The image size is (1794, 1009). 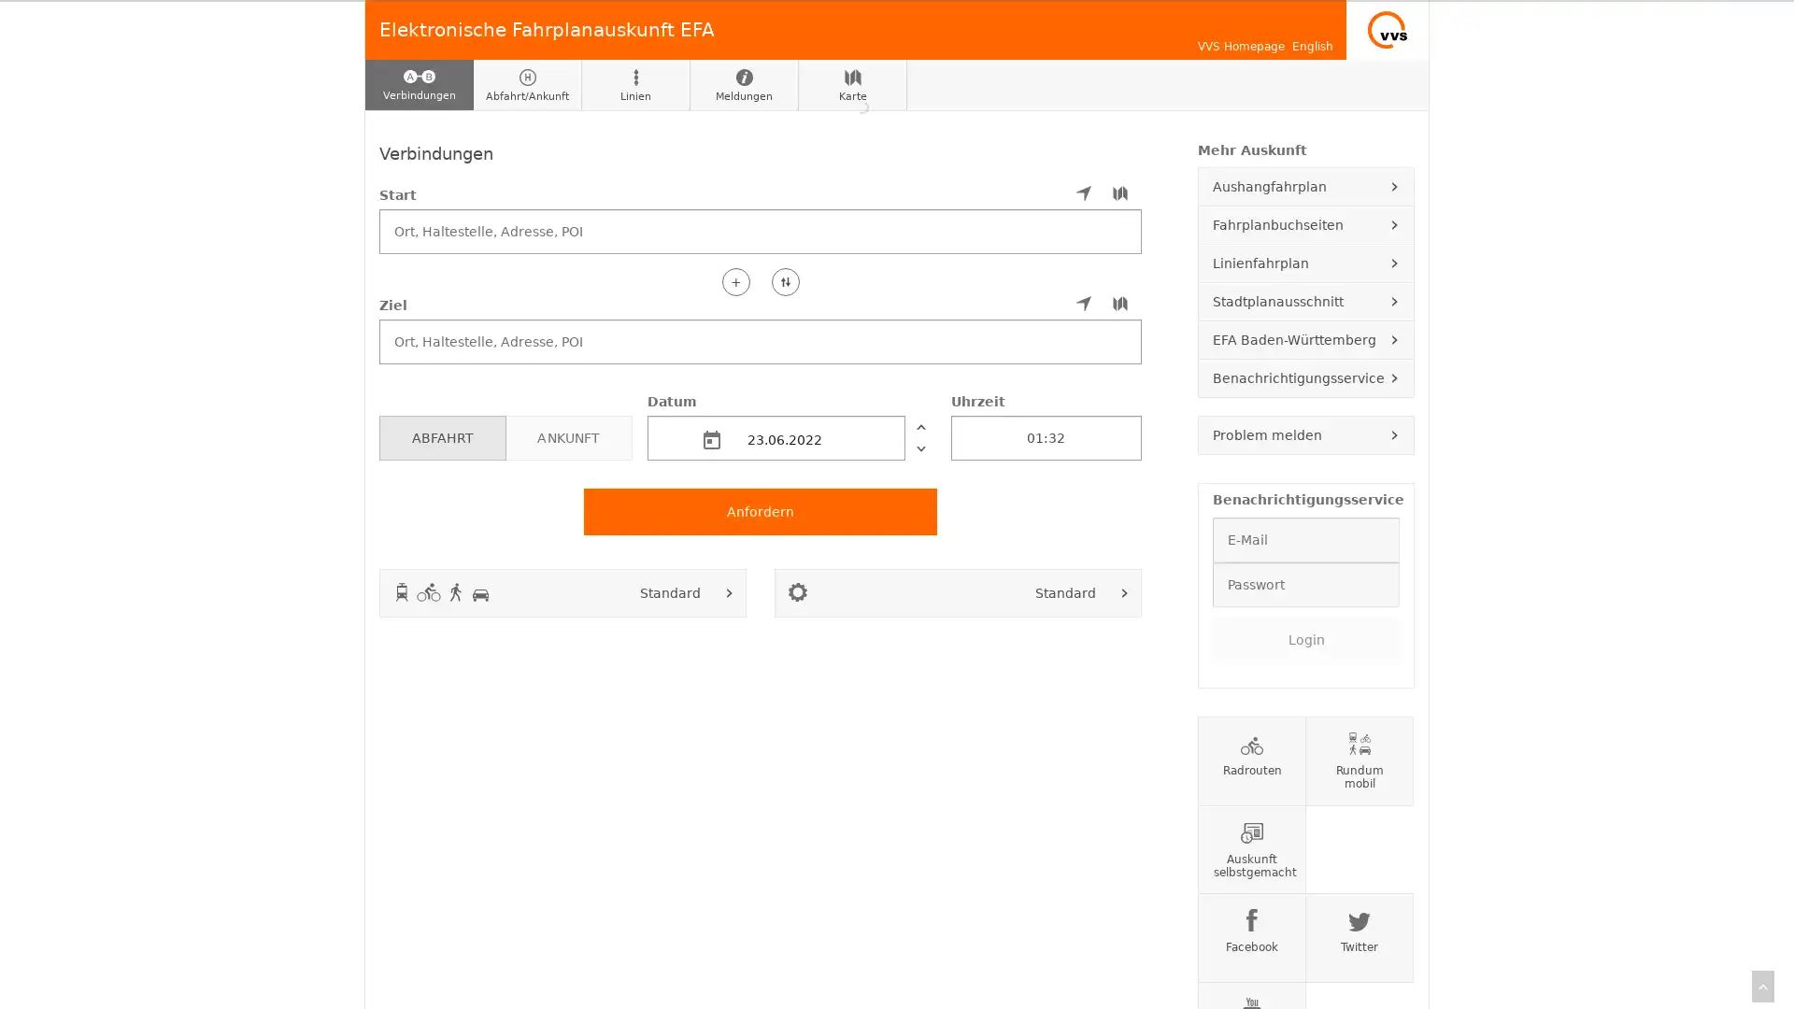 What do you see at coordinates (776, 436) in the screenshot?
I see `23.06.2022` at bounding box center [776, 436].